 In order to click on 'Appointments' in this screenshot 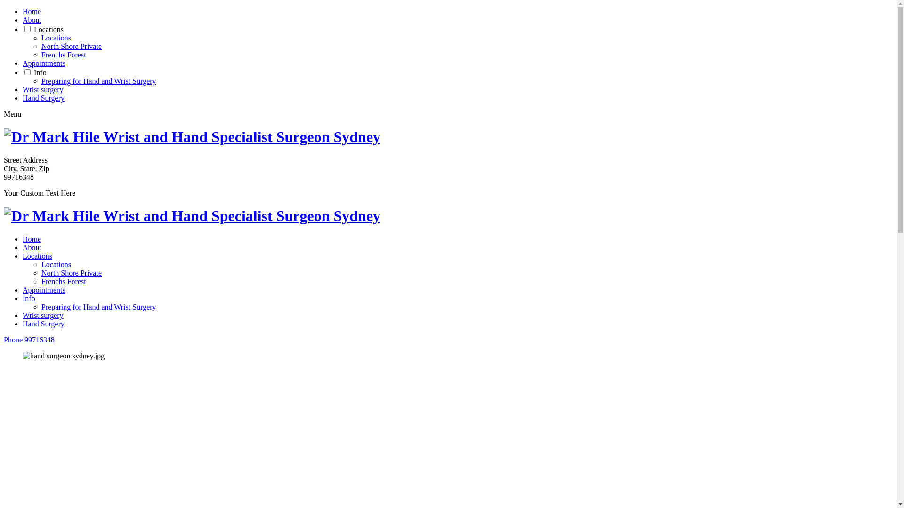, I will do `click(43, 289)`.